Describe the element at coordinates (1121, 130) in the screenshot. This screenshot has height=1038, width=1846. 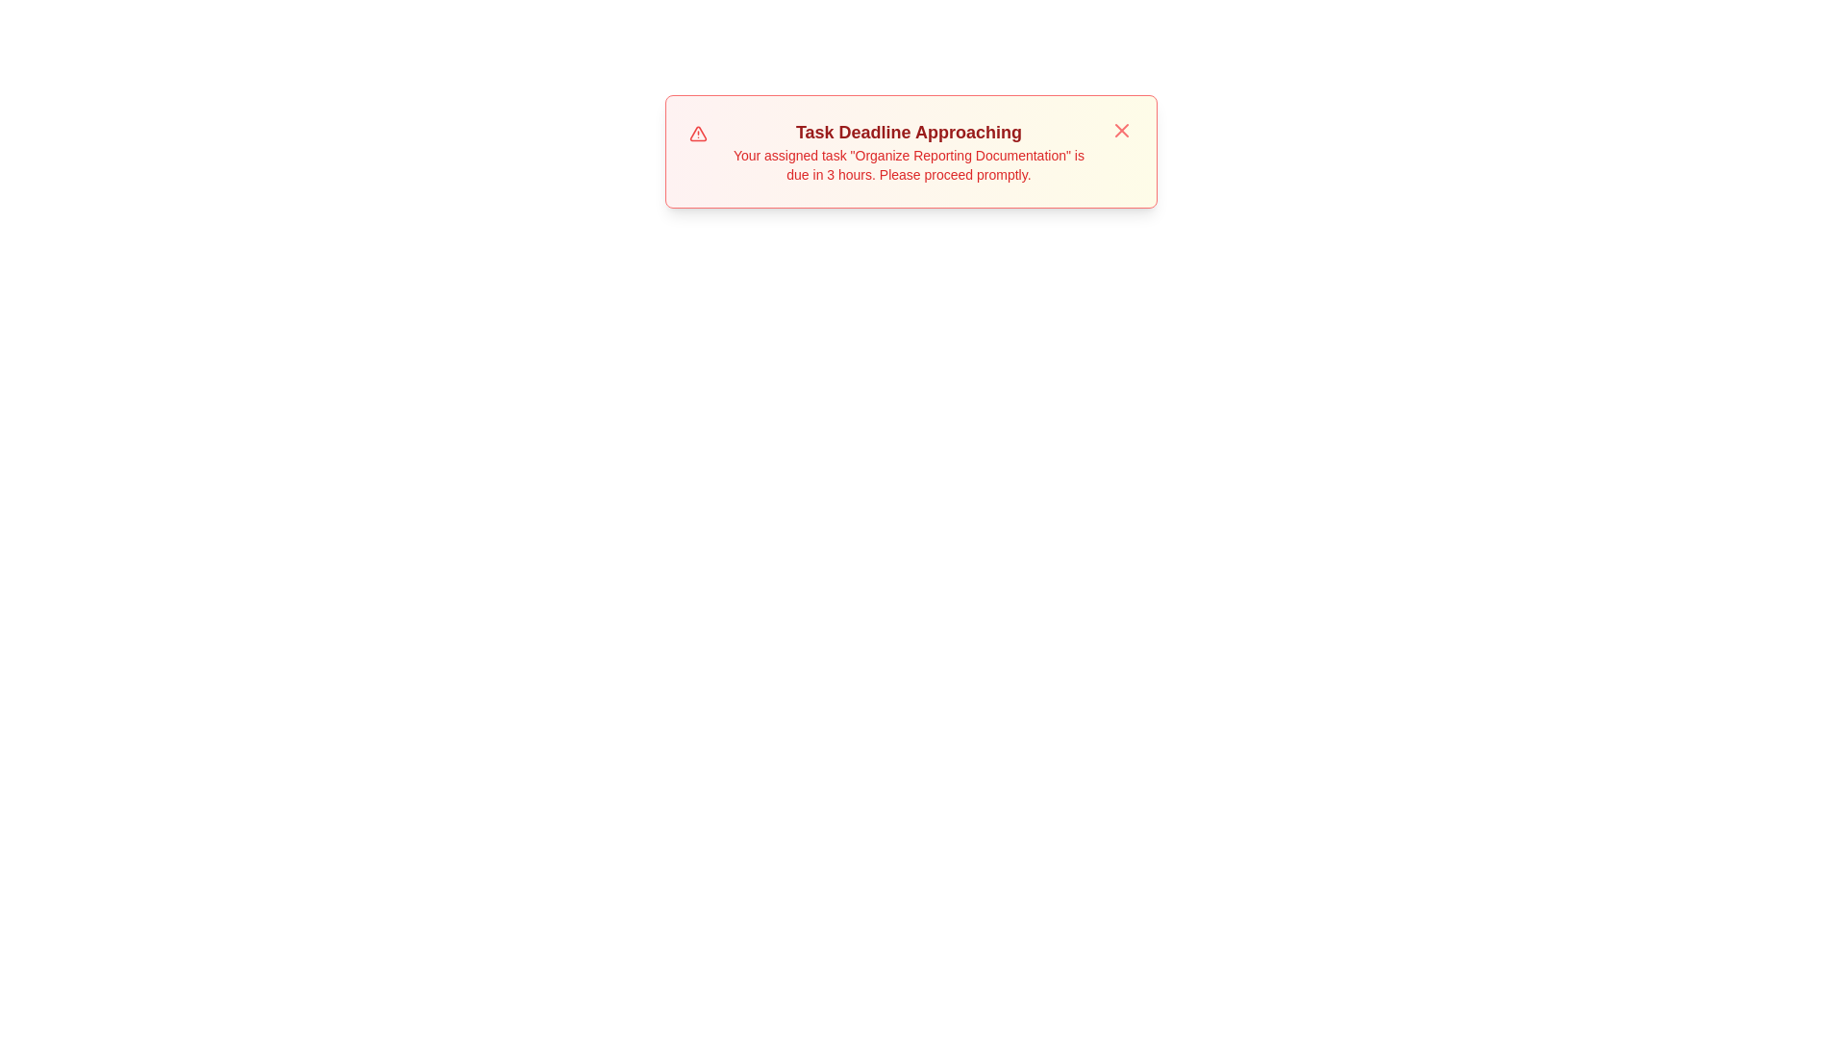
I see `the red 'X' close icon in the top-right corner of the notification popup` at that location.